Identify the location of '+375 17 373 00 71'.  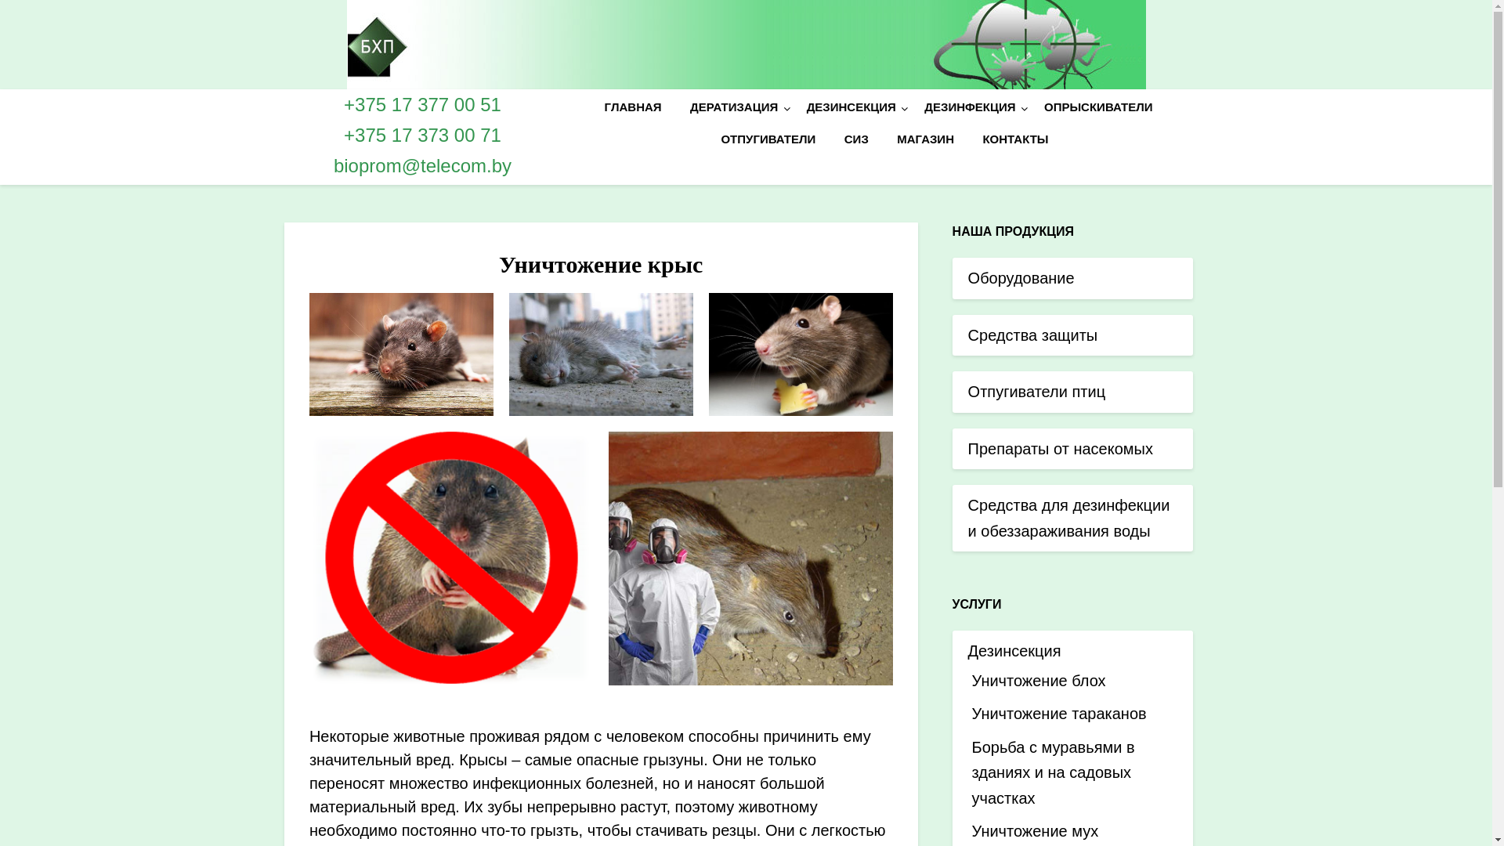
(422, 134).